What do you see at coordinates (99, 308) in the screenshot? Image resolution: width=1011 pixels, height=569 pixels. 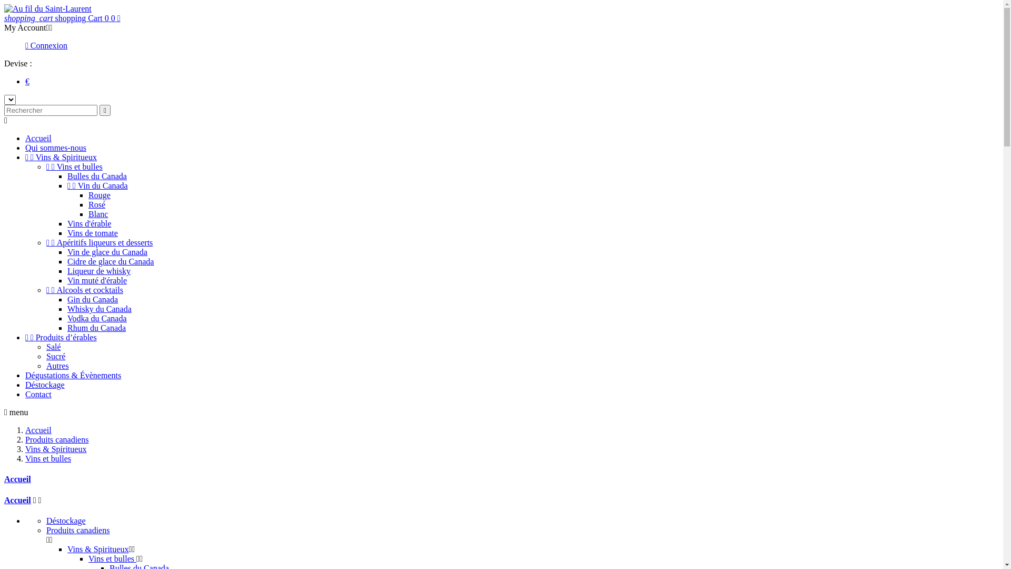 I see `'Whisky du Canada'` at bounding box center [99, 308].